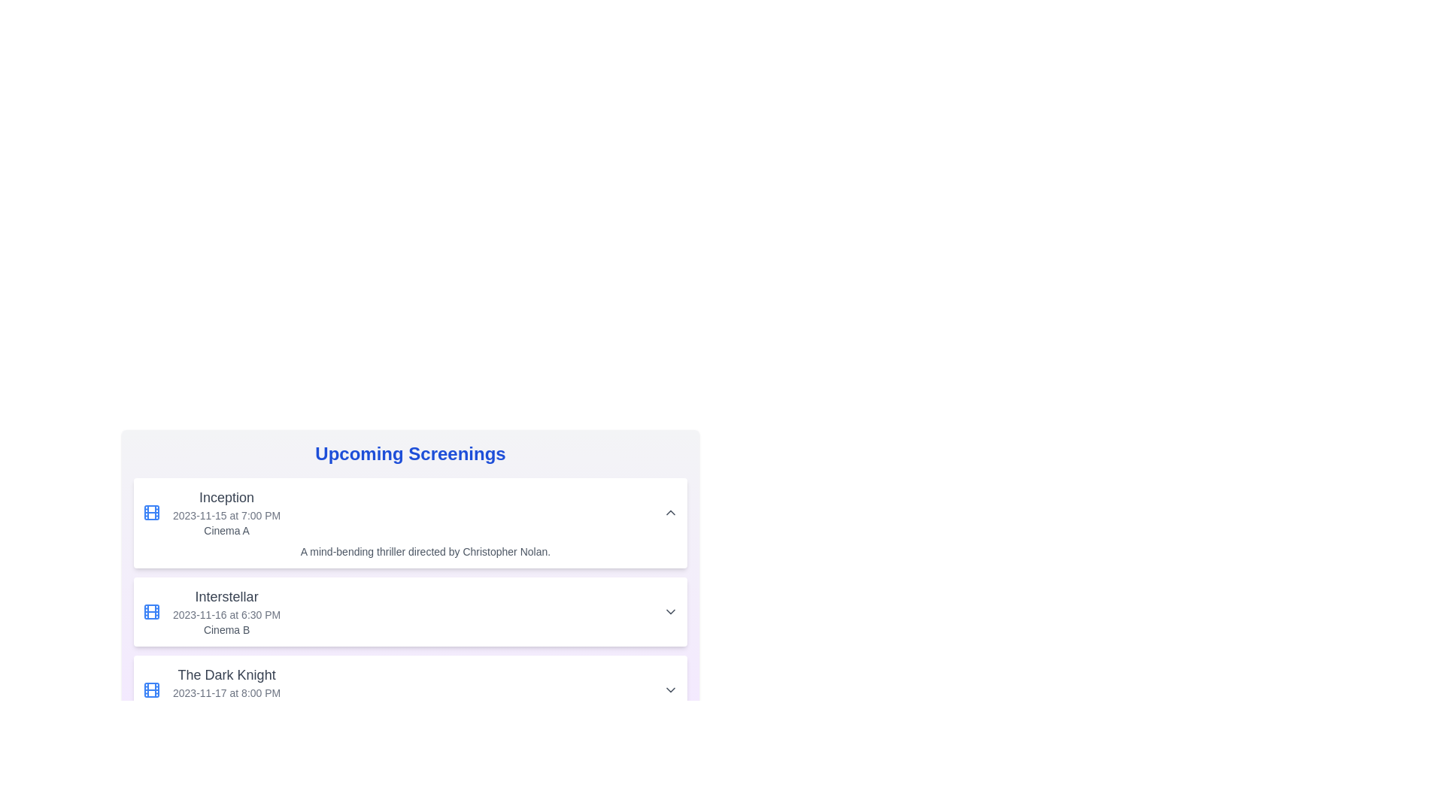 The image size is (1444, 812). I want to click on the second entry, so click(411, 611).